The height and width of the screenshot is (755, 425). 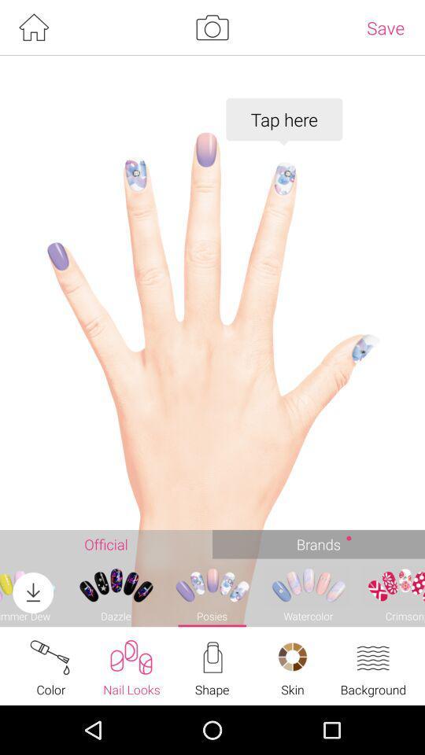 What do you see at coordinates (212, 28) in the screenshot?
I see `the photo icon` at bounding box center [212, 28].